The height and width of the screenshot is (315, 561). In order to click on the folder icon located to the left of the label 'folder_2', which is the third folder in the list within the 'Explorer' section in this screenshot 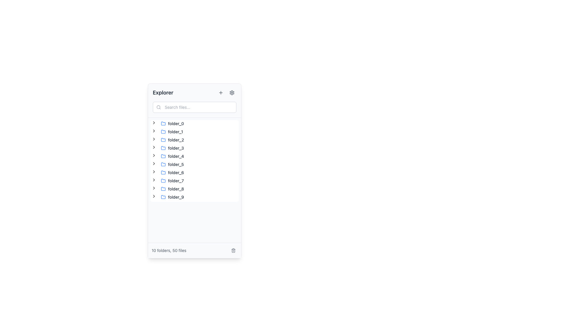, I will do `click(163, 140)`.